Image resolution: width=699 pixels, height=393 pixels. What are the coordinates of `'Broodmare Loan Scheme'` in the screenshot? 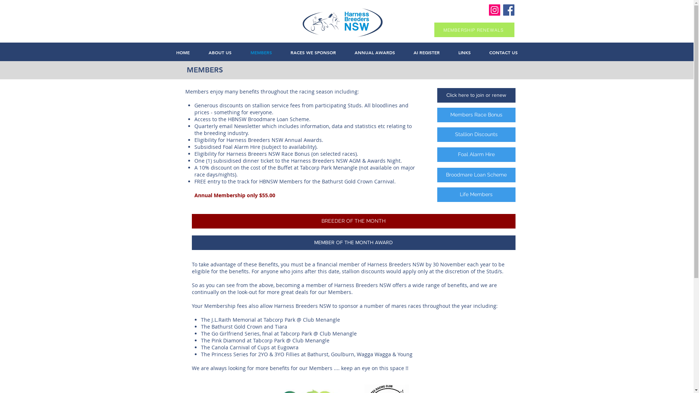 It's located at (476, 175).